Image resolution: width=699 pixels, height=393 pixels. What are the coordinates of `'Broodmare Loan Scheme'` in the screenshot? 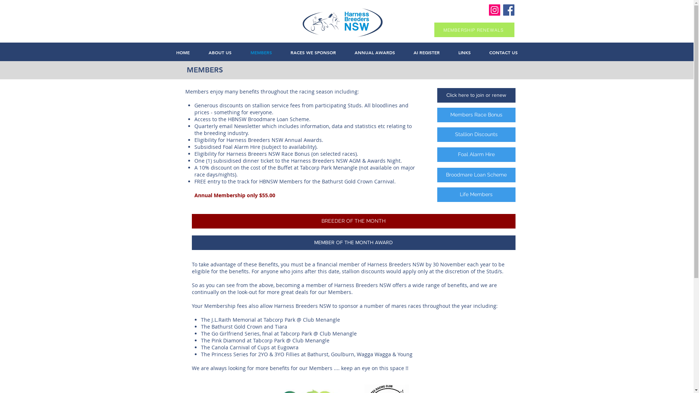 It's located at (476, 175).